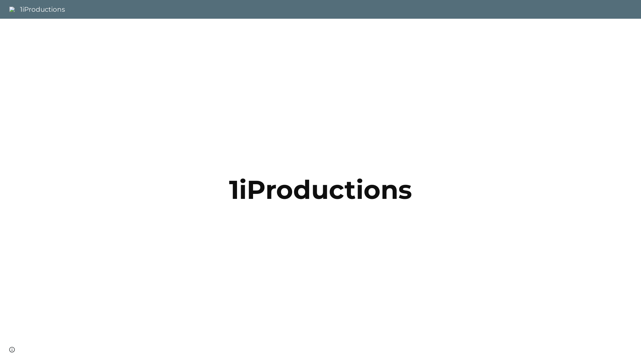  I want to click on '1iProductions', so click(37, 9).